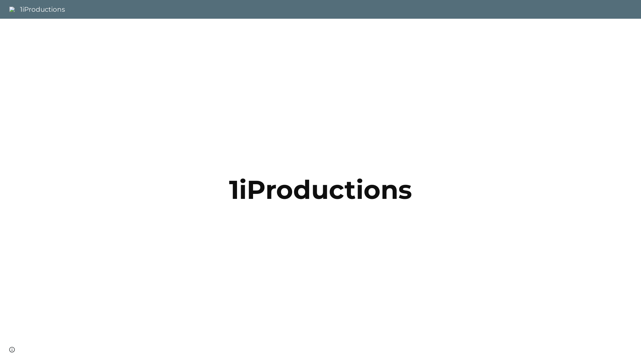  I want to click on '1iProductions', so click(37, 9).